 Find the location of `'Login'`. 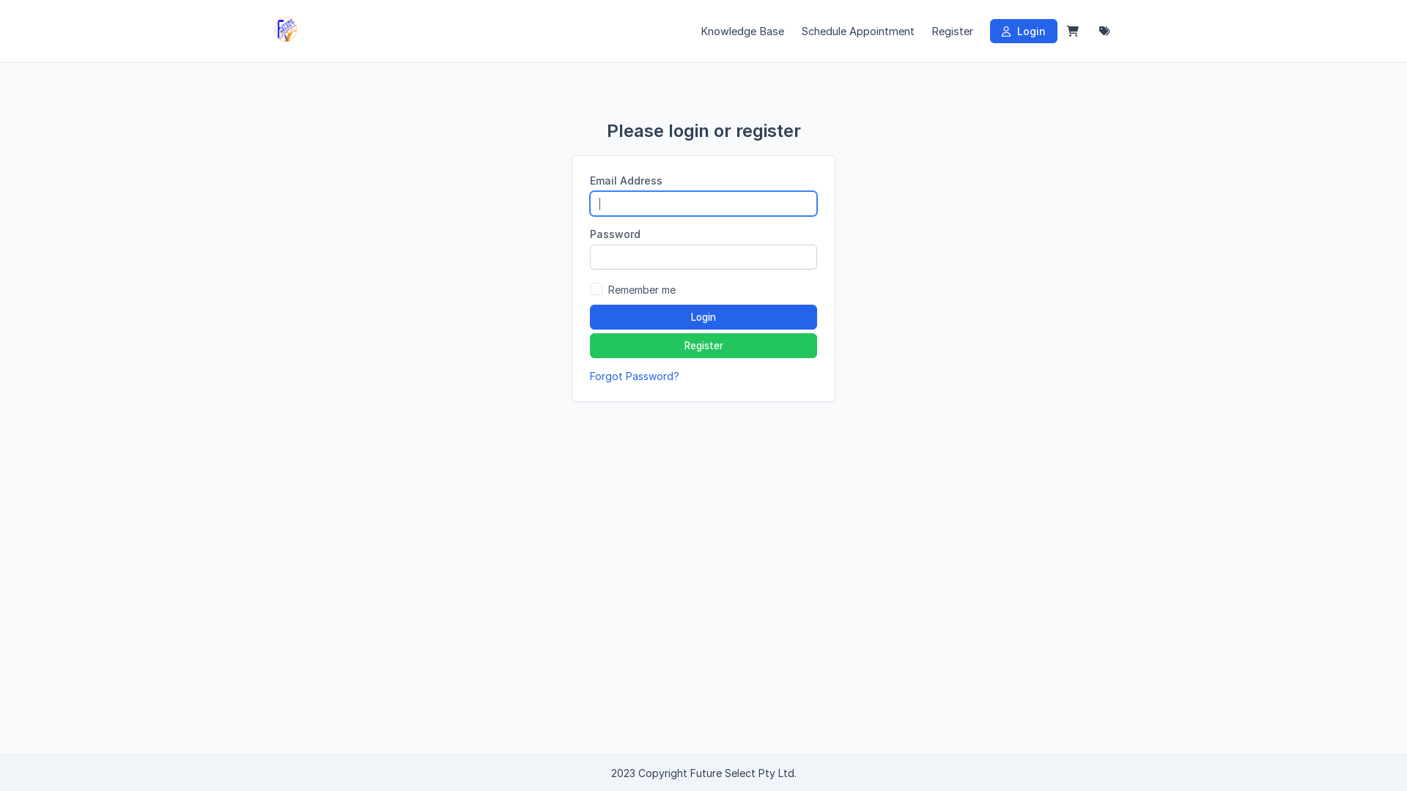

'Login' is located at coordinates (590, 316).